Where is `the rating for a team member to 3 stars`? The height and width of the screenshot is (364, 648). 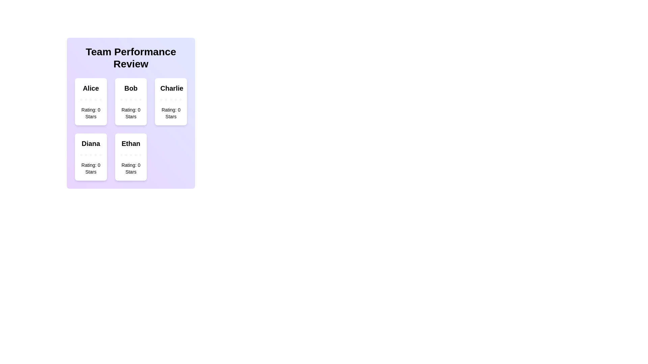
the rating for a team member to 3 stars is located at coordinates (90, 100).